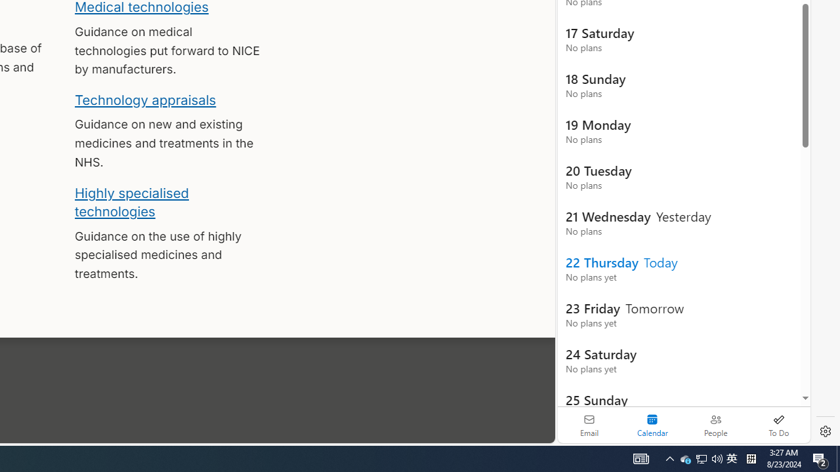 The width and height of the screenshot is (840, 472). What do you see at coordinates (131, 202) in the screenshot?
I see `'Highly specialised technologies'` at bounding box center [131, 202].